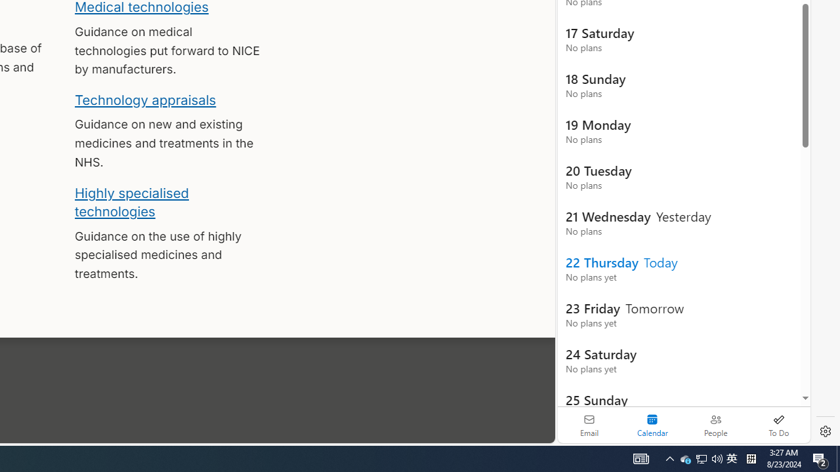 The width and height of the screenshot is (840, 472). What do you see at coordinates (131, 202) in the screenshot?
I see `'Highly specialised technologies'` at bounding box center [131, 202].